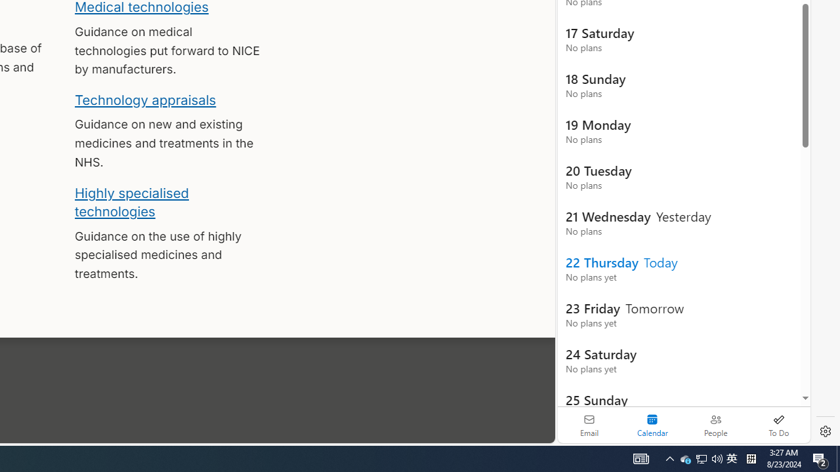 The width and height of the screenshot is (840, 472). What do you see at coordinates (131, 202) in the screenshot?
I see `'Highly specialised technologies'` at bounding box center [131, 202].